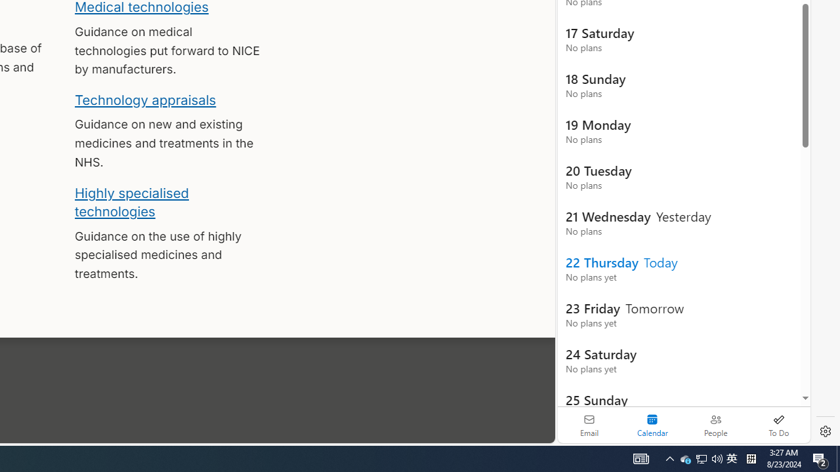 The width and height of the screenshot is (840, 472). What do you see at coordinates (131, 202) in the screenshot?
I see `'Highly specialised technologies'` at bounding box center [131, 202].